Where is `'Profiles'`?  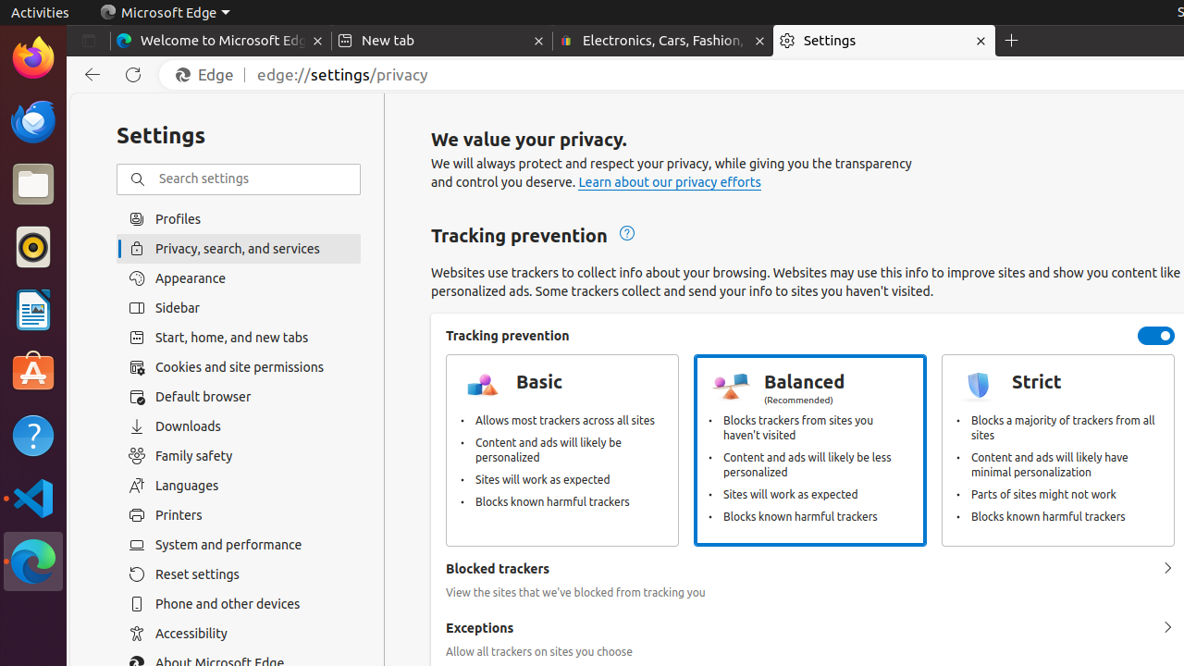 'Profiles' is located at coordinates (238, 218).